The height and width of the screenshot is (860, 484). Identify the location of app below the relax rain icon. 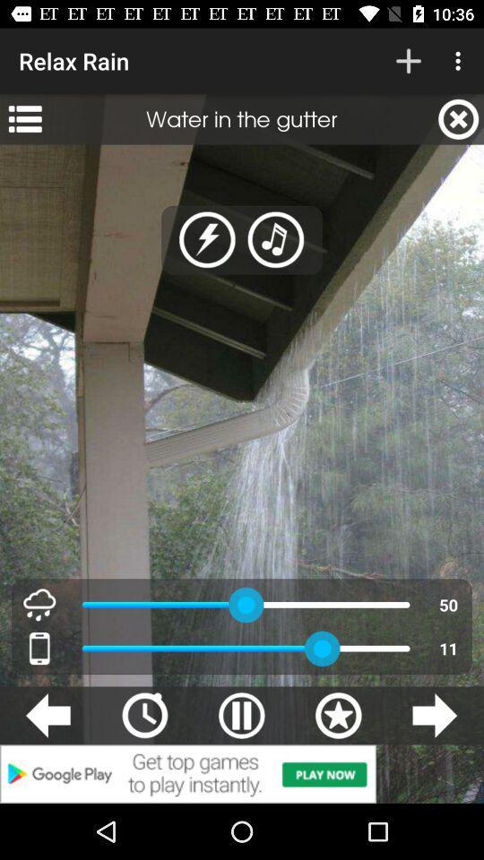
(24, 118).